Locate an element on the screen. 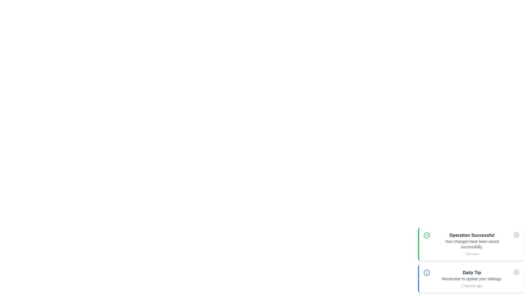 Image resolution: width=528 pixels, height=297 pixels. the small circular icon with a blue outline and an exclamation mark inside, located in the top-left area of the 'Daily Tip' notification card is located at coordinates (426, 273).